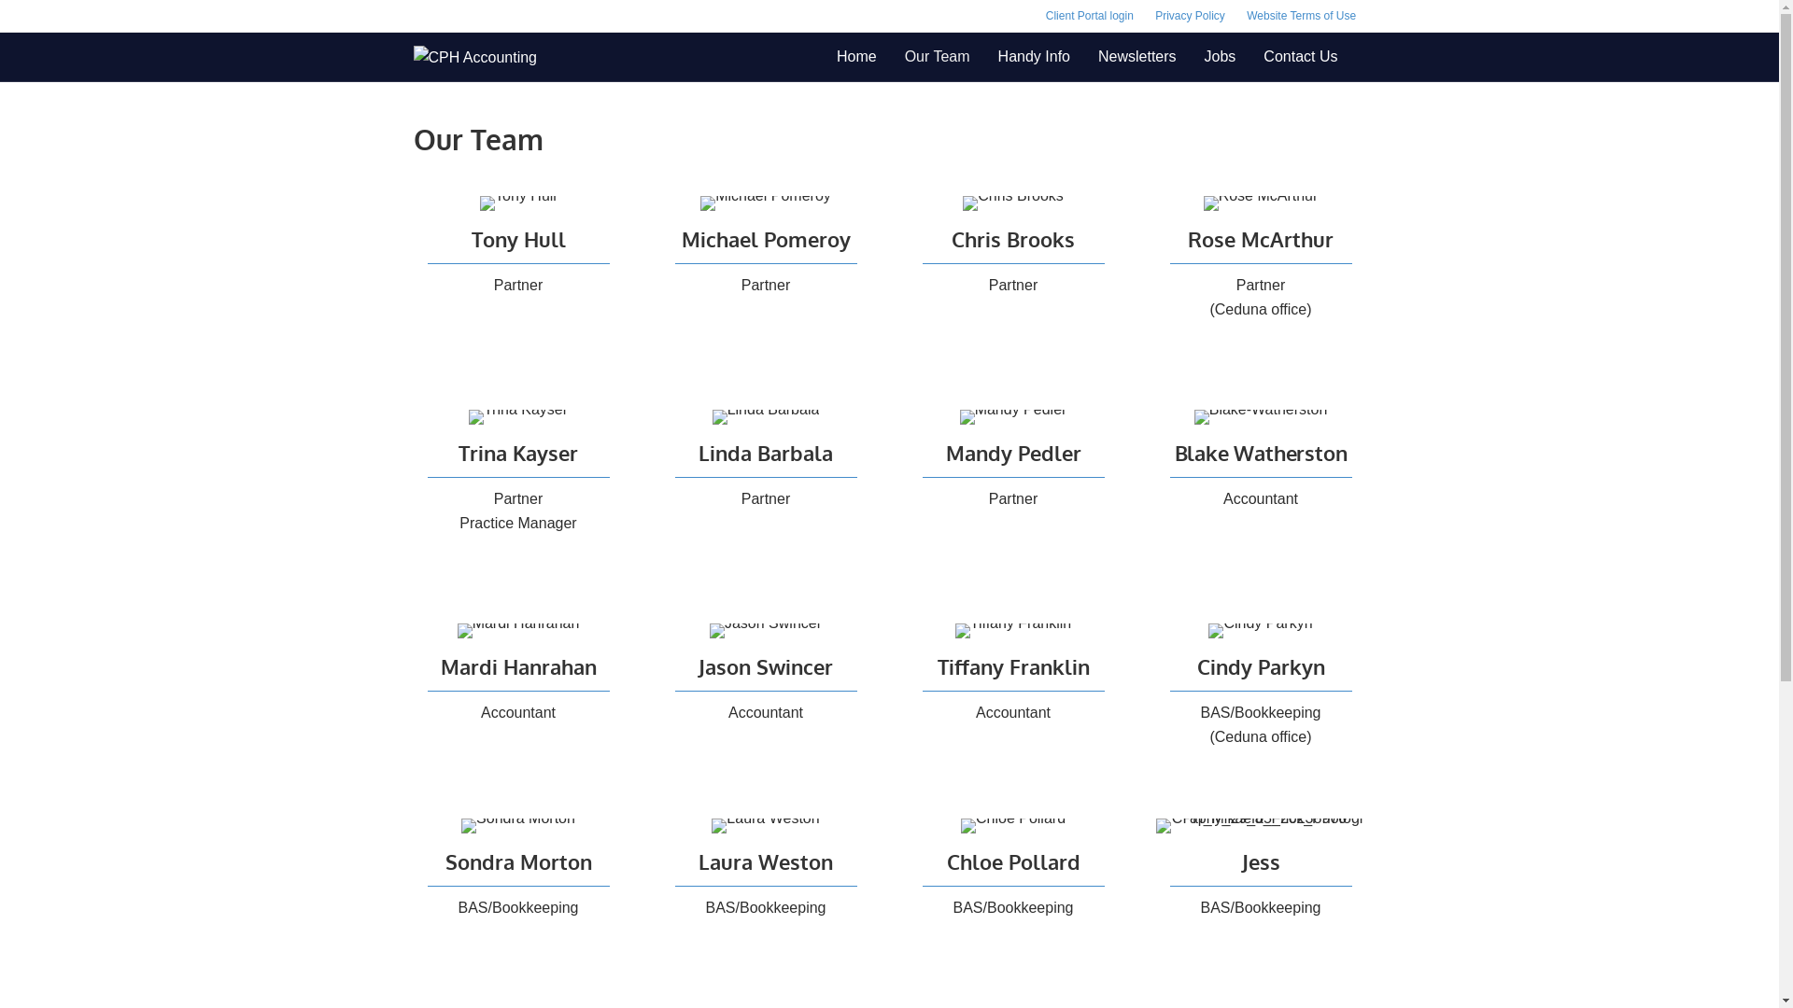 Image resolution: width=1793 pixels, height=1008 pixels. What do you see at coordinates (518, 630) in the screenshot?
I see `'Mardi-Hanrahan'` at bounding box center [518, 630].